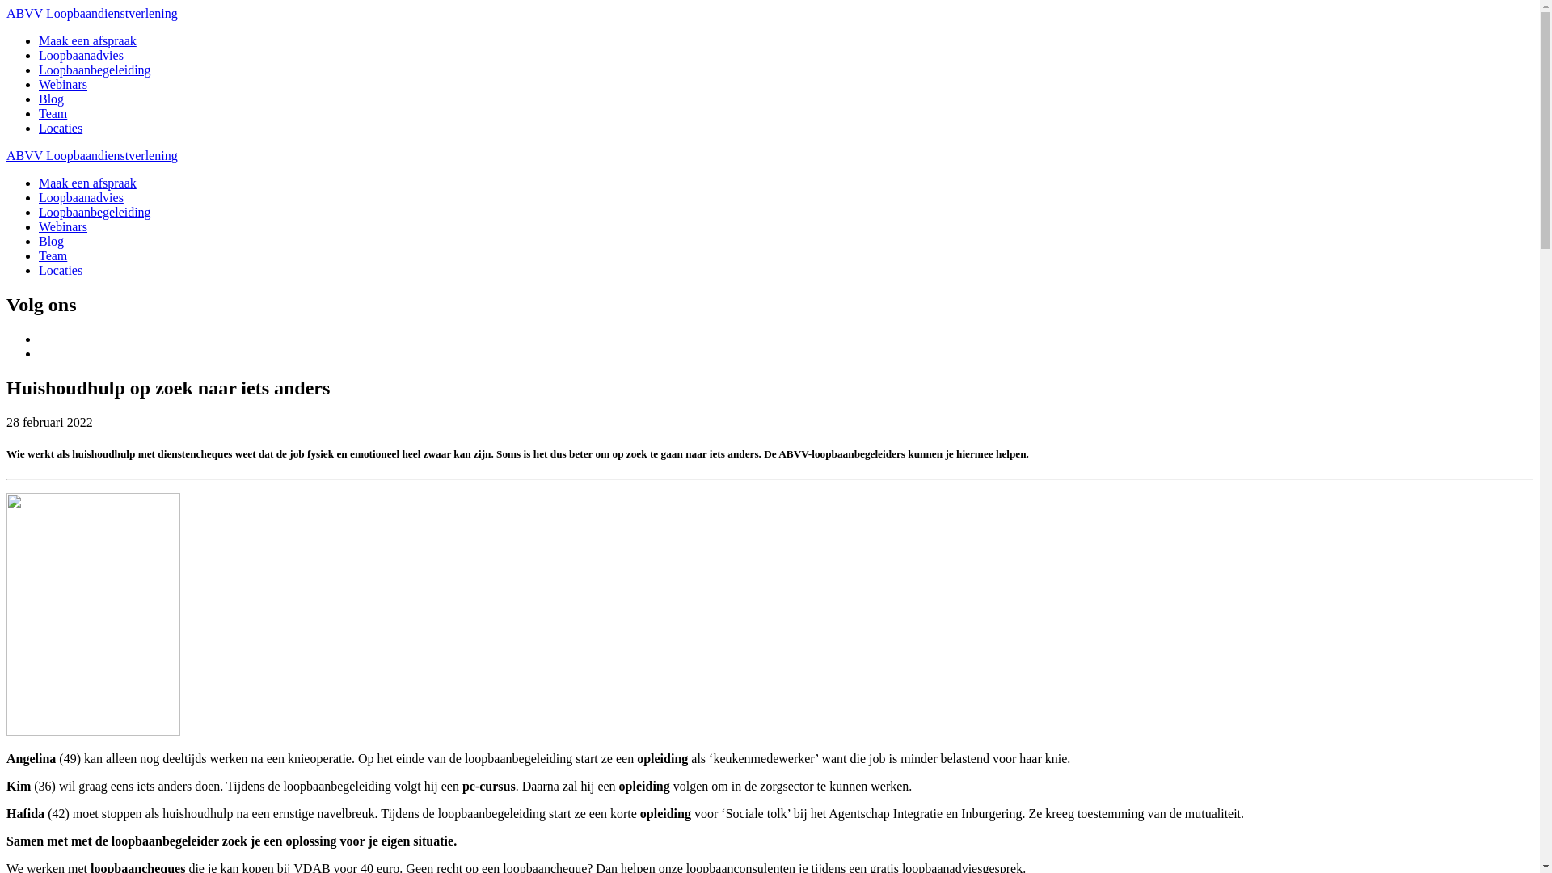 The width and height of the screenshot is (1552, 873). I want to click on 'Blog', so click(51, 241).